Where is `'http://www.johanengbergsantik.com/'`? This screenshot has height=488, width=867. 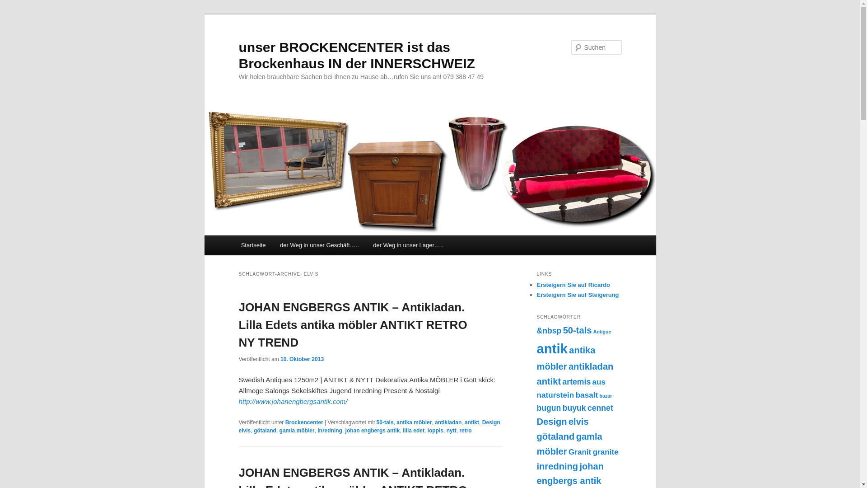 'http://www.johanengbergsantik.com/' is located at coordinates (293, 401).